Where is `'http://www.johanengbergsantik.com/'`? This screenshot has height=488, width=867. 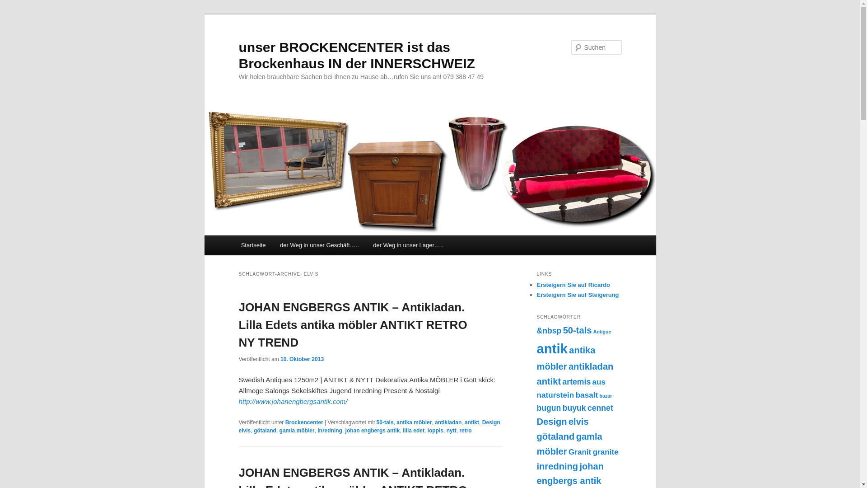 'http://www.johanengbergsantik.com/' is located at coordinates (293, 401).